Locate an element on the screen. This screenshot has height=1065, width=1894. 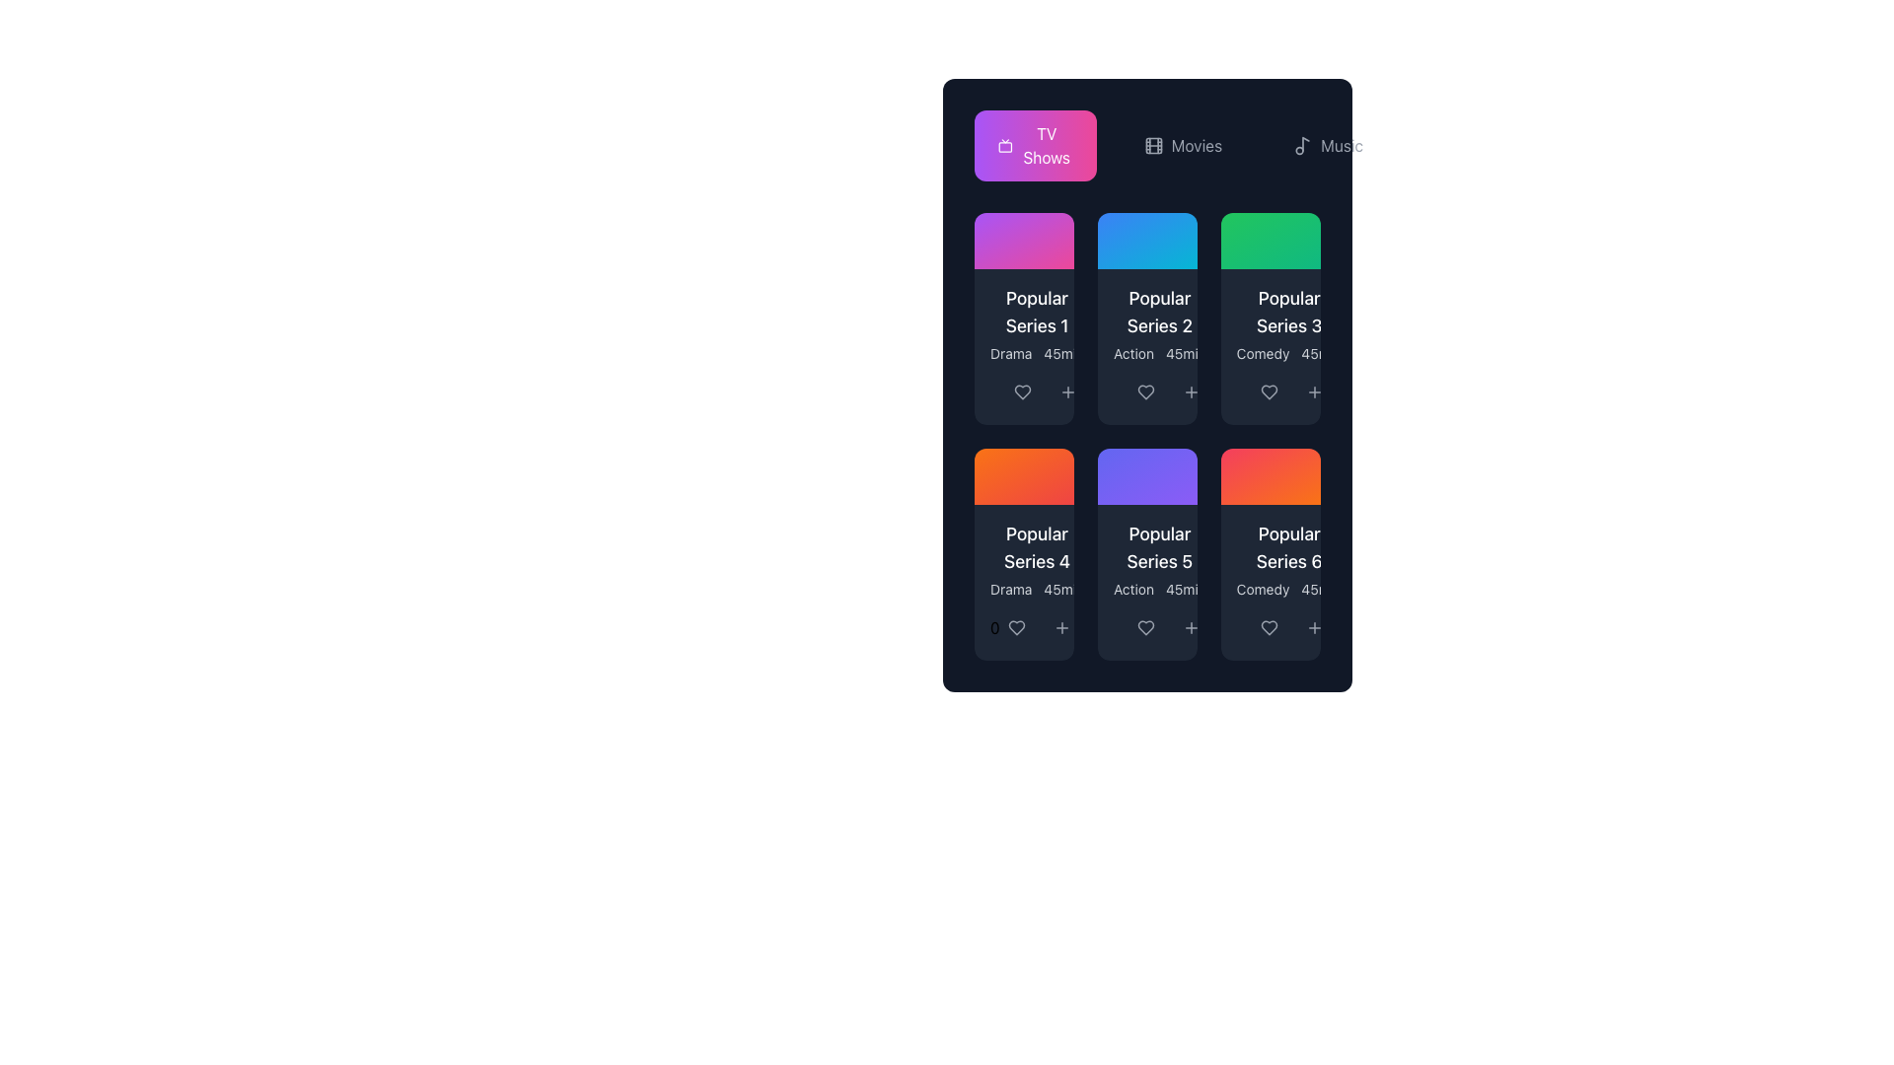
the third card in the first row of the grid layout is located at coordinates (1271, 318).